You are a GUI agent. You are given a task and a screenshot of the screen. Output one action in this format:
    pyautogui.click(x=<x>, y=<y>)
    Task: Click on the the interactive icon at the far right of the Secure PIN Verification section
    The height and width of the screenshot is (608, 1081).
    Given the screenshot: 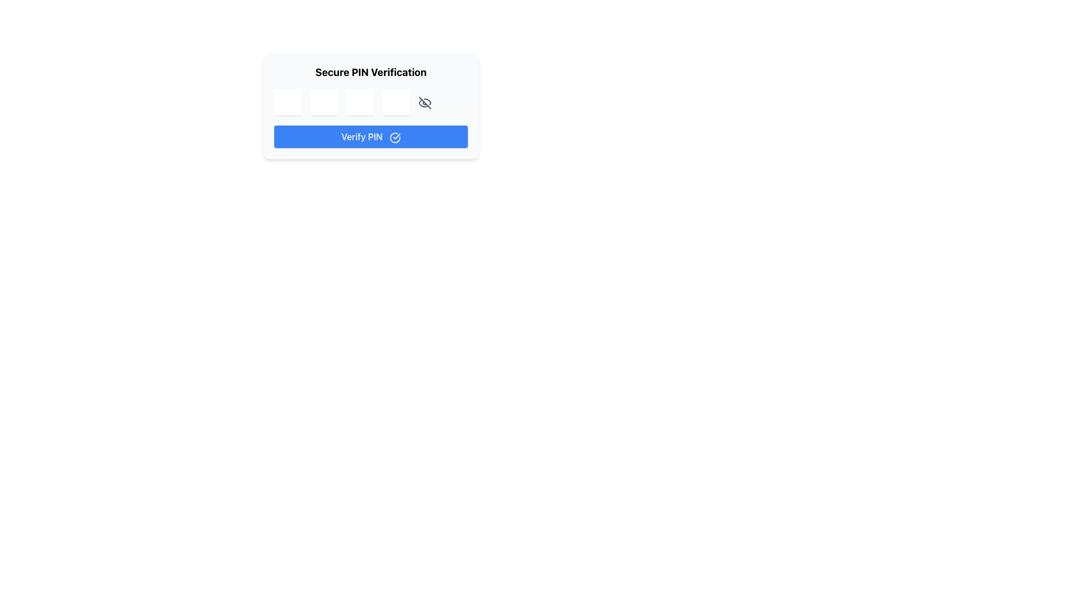 What is the action you would take?
    pyautogui.click(x=424, y=102)
    